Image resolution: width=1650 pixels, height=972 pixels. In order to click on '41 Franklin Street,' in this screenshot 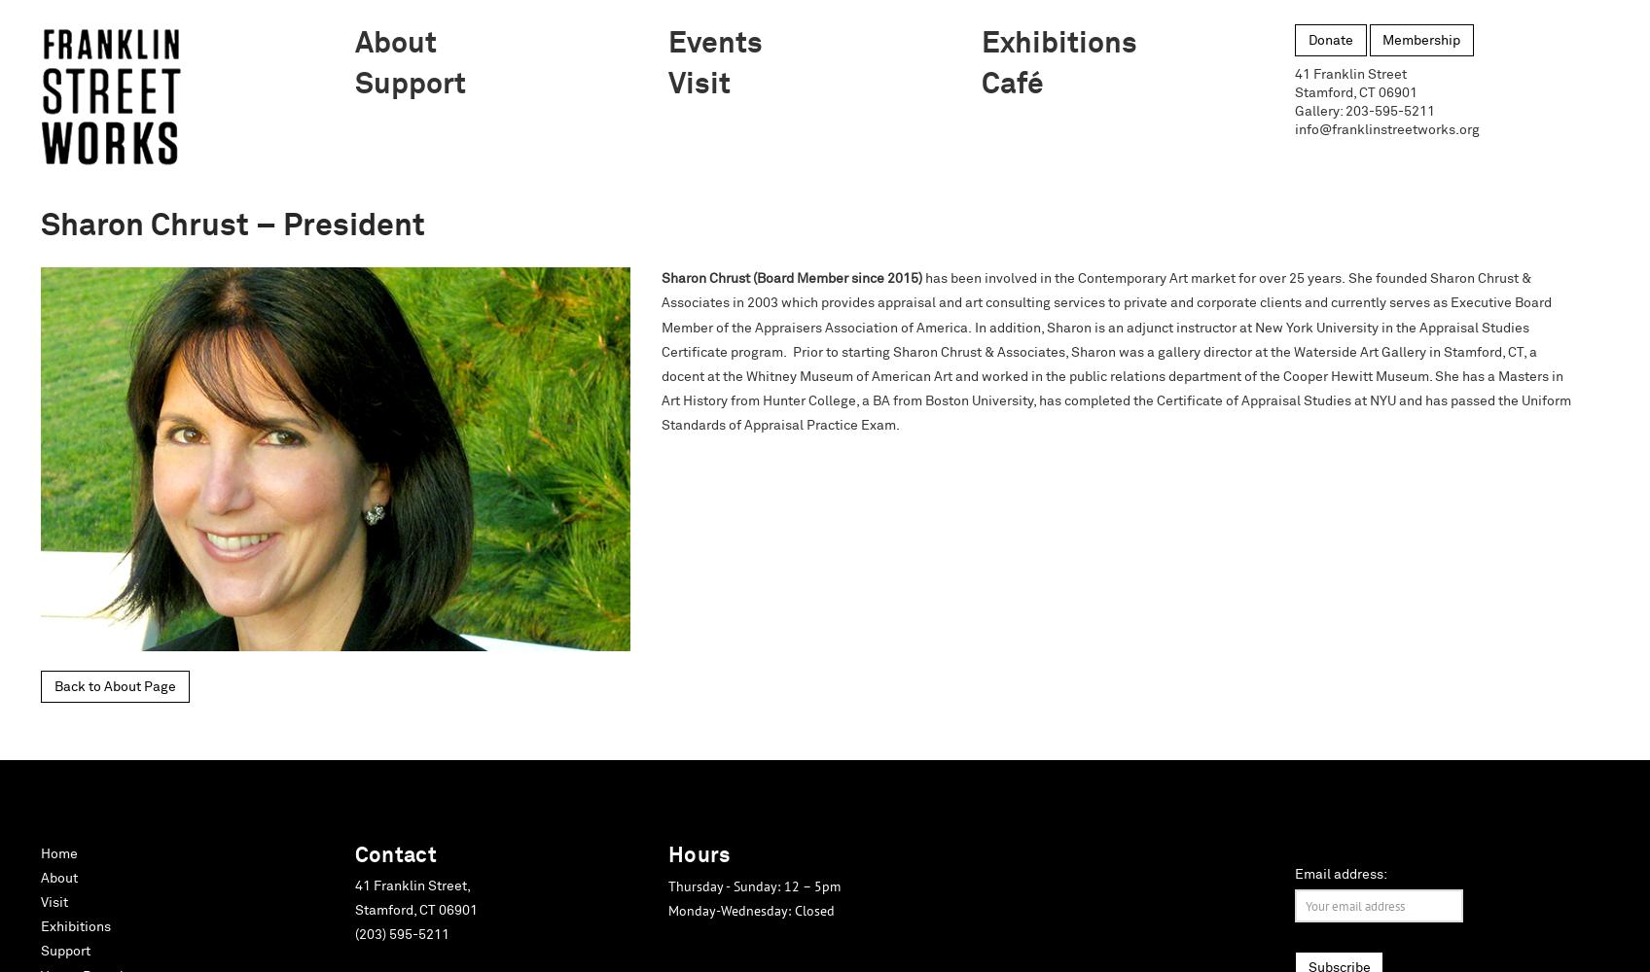, I will do `click(411, 885)`.